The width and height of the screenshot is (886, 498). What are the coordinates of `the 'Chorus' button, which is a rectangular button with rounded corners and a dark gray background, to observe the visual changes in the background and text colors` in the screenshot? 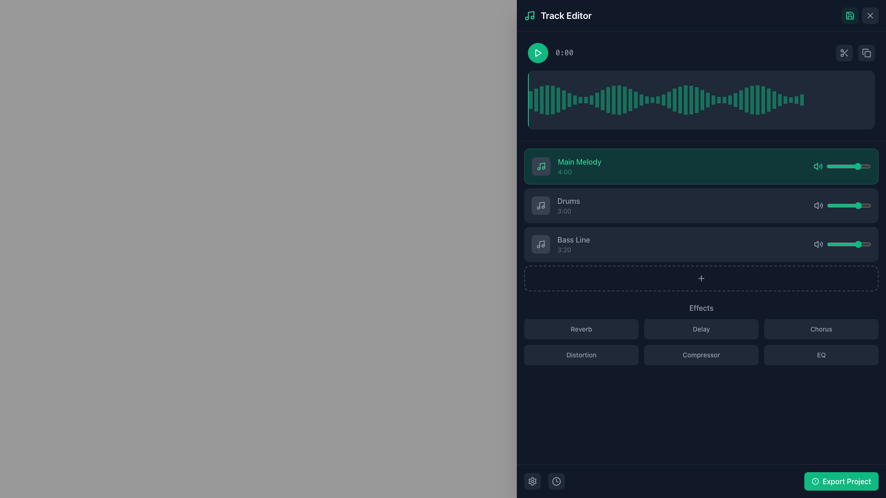 It's located at (821, 328).